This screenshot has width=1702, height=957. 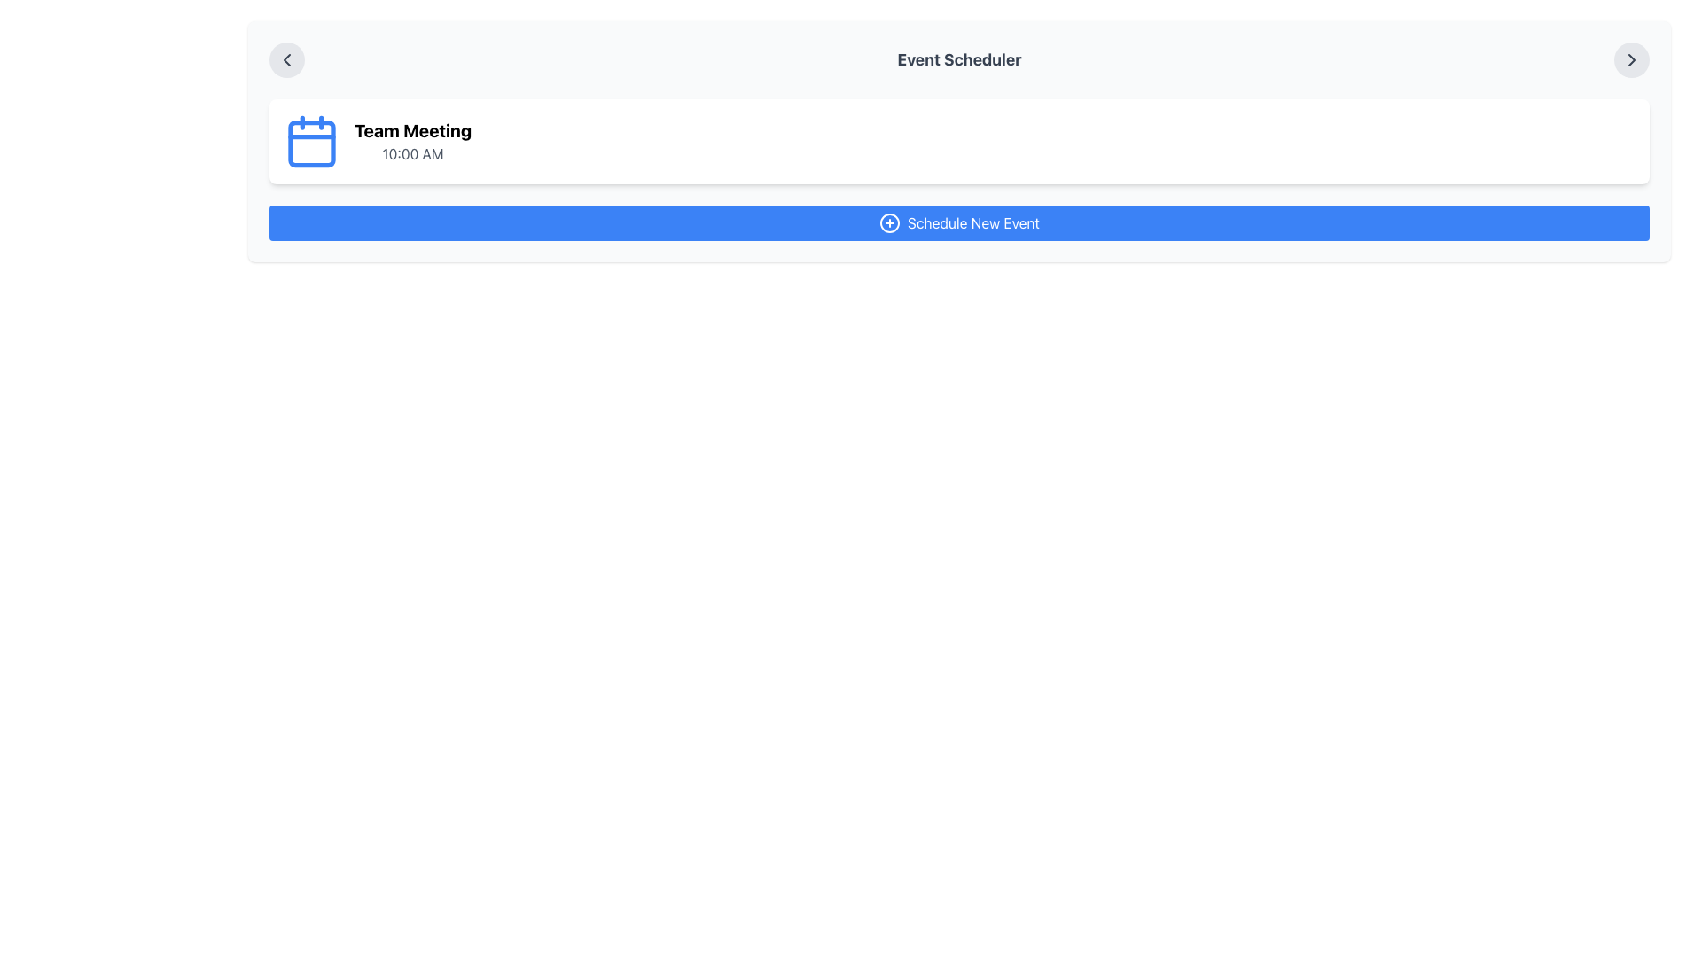 What do you see at coordinates (889, 222) in the screenshot?
I see `the decorative icon of the 'Schedule New Event' button, which enhances its visual appearance and indicates action, located near the left side of the button` at bounding box center [889, 222].